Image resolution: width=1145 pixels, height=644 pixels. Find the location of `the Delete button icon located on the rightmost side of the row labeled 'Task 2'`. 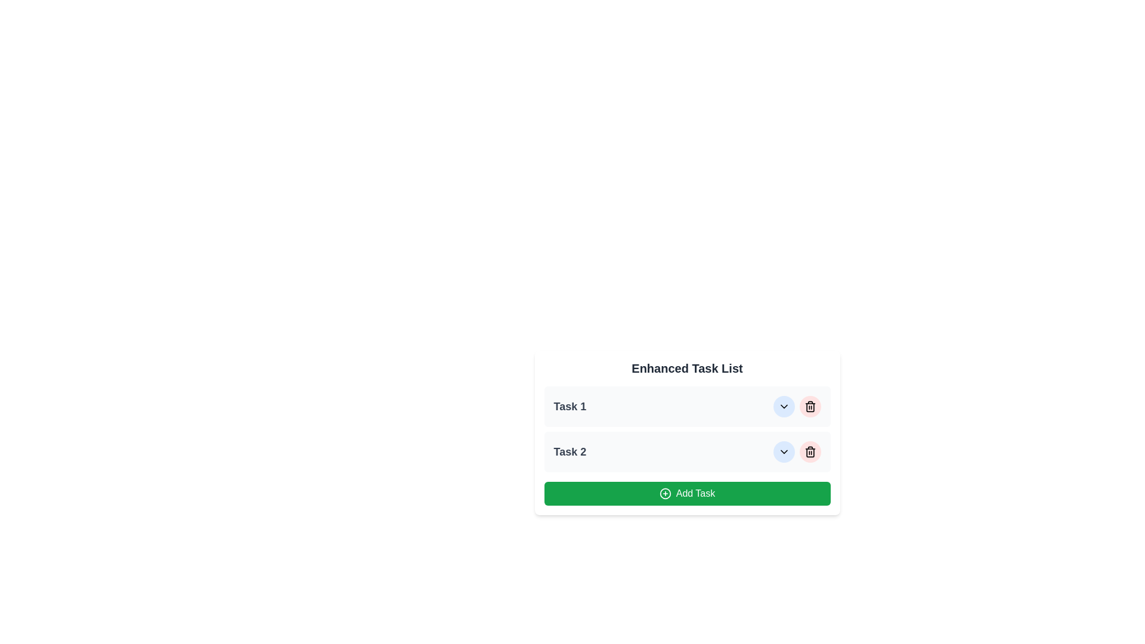

the Delete button icon located on the rightmost side of the row labeled 'Task 2' is located at coordinates (810, 406).